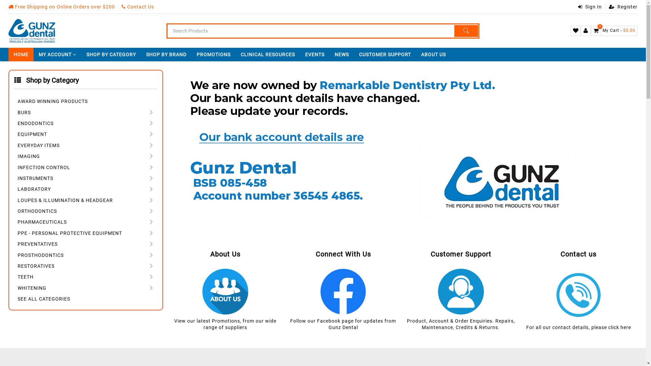 This screenshot has height=366, width=651. Describe the element at coordinates (85, 189) in the screenshot. I see `'LABORATORY'` at that location.